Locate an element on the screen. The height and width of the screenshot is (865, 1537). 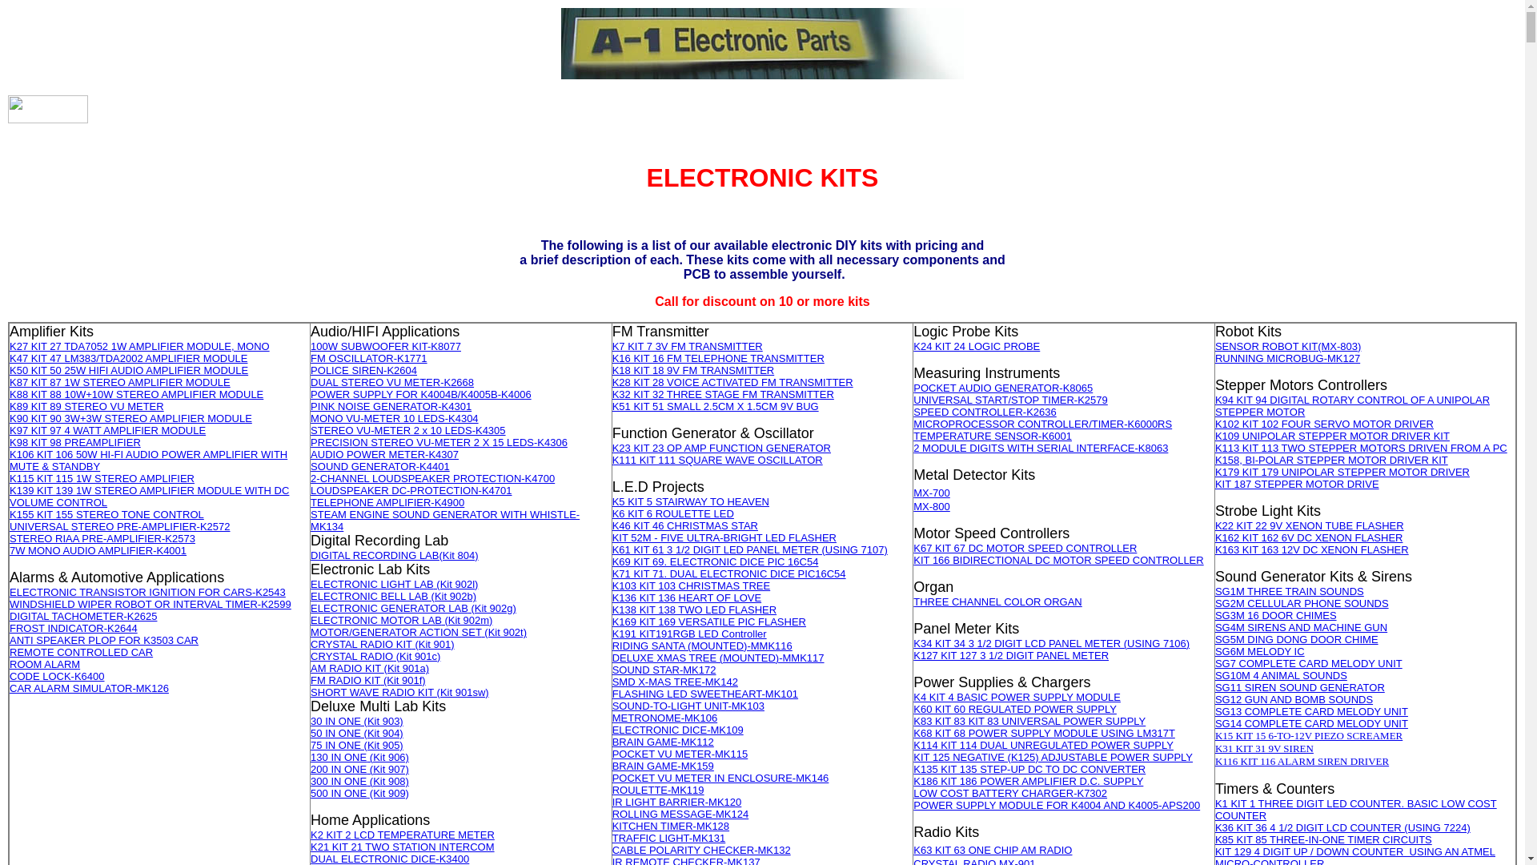
'PINK NOISE GENERATOR-K4301' is located at coordinates (391, 404).